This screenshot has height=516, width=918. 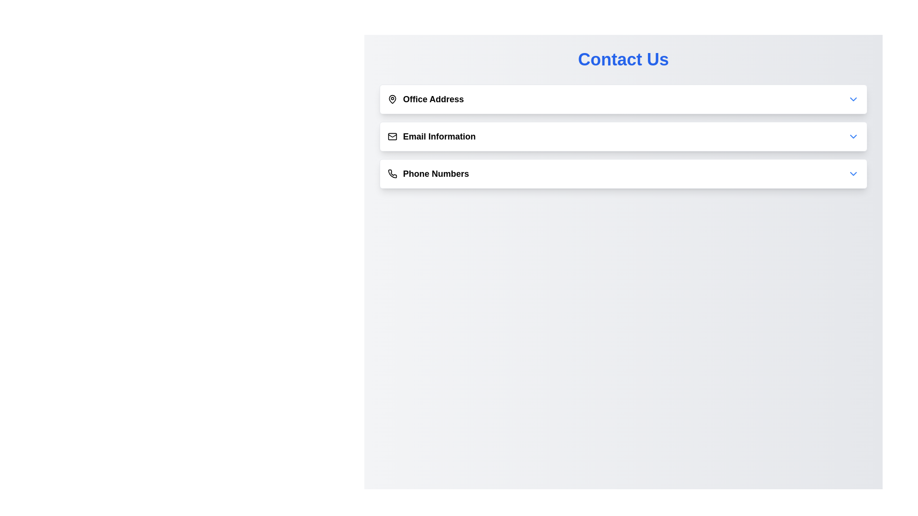 I want to click on the text label that indicates the phone number section, located in the 'Contact Us' section of the page, so click(x=436, y=173).